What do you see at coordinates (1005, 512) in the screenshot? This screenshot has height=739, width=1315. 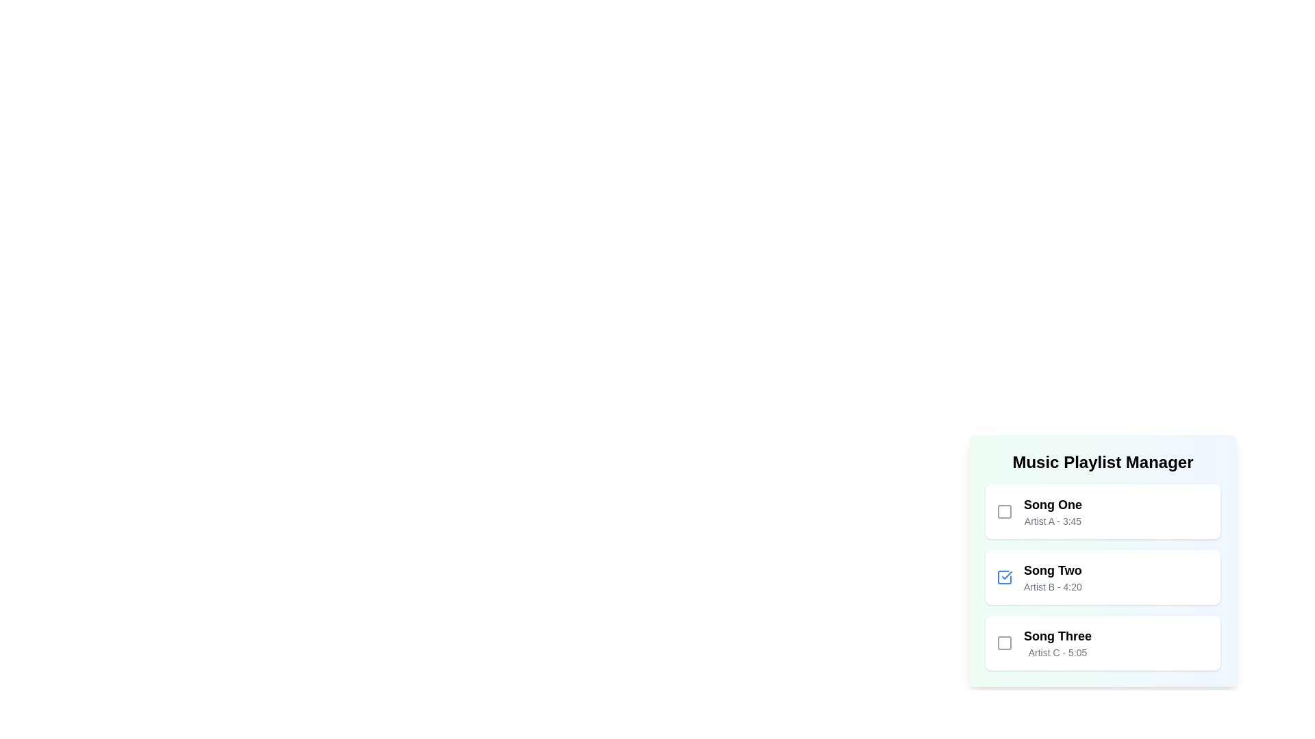 I see `the square icon with rounded corners, part of an interactive checklist system` at bounding box center [1005, 512].